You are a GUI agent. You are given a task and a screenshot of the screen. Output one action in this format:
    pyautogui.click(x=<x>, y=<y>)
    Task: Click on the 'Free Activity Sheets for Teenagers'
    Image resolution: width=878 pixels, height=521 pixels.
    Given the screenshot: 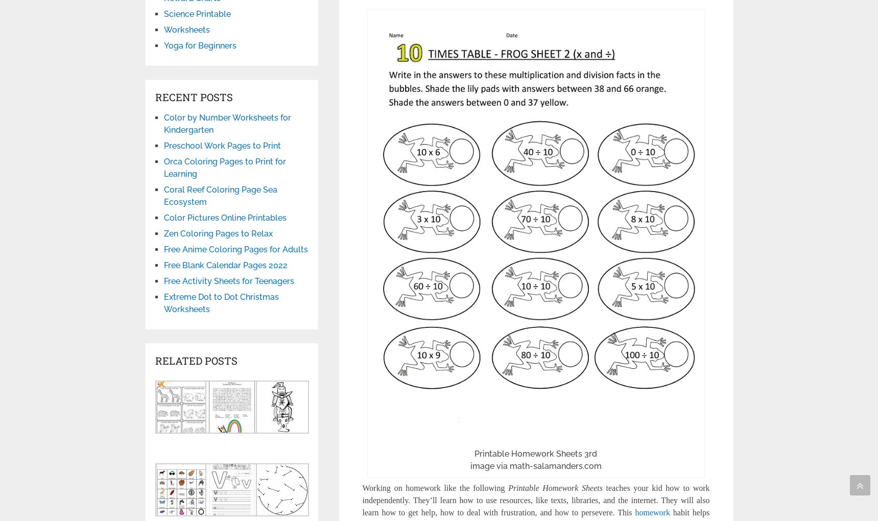 What is the action you would take?
    pyautogui.click(x=228, y=280)
    